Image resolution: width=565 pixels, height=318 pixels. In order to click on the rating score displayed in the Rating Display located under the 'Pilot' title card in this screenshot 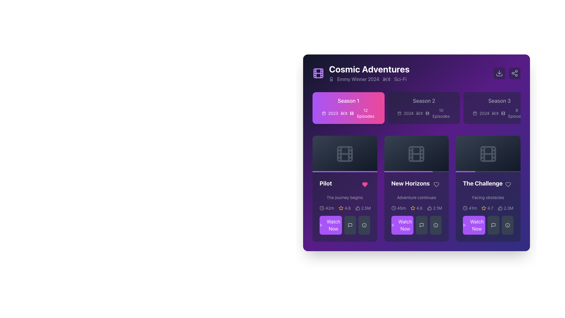, I will do `click(345, 208)`.